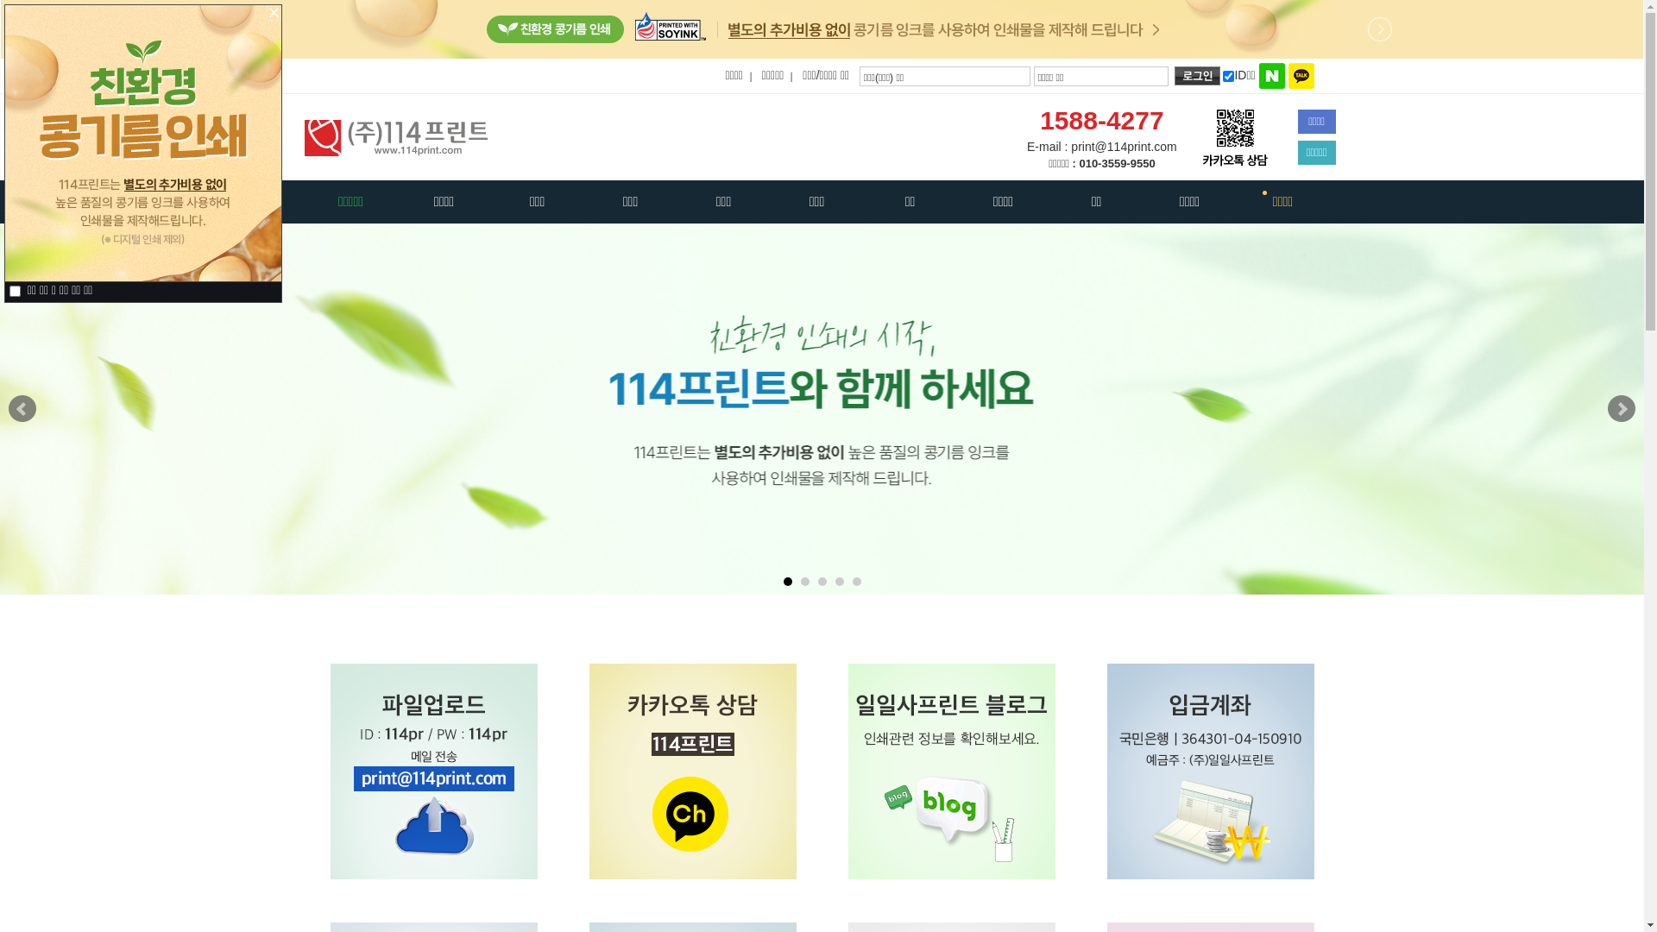 This screenshot has width=1657, height=932. What do you see at coordinates (786, 582) in the screenshot?
I see `'1'` at bounding box center [786, 582].